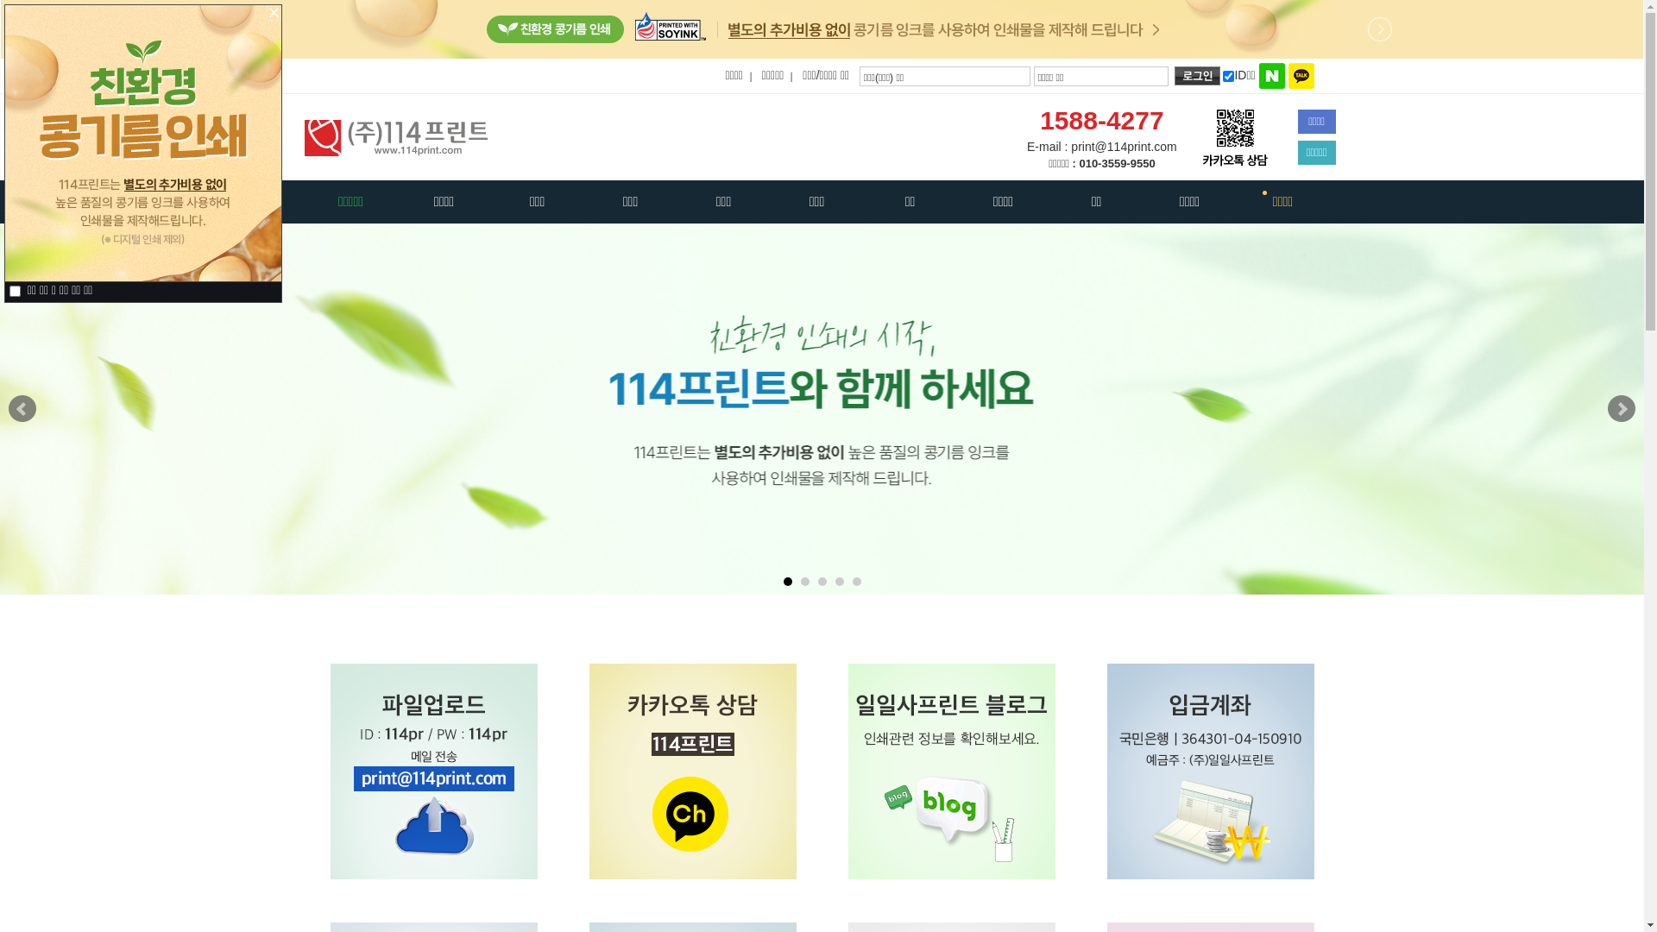 This screenshot has width=1657, height=932. What do you see at coordinates (786, 582) in the screenshot?
I see `'1'` at bounding box center [786, 582].